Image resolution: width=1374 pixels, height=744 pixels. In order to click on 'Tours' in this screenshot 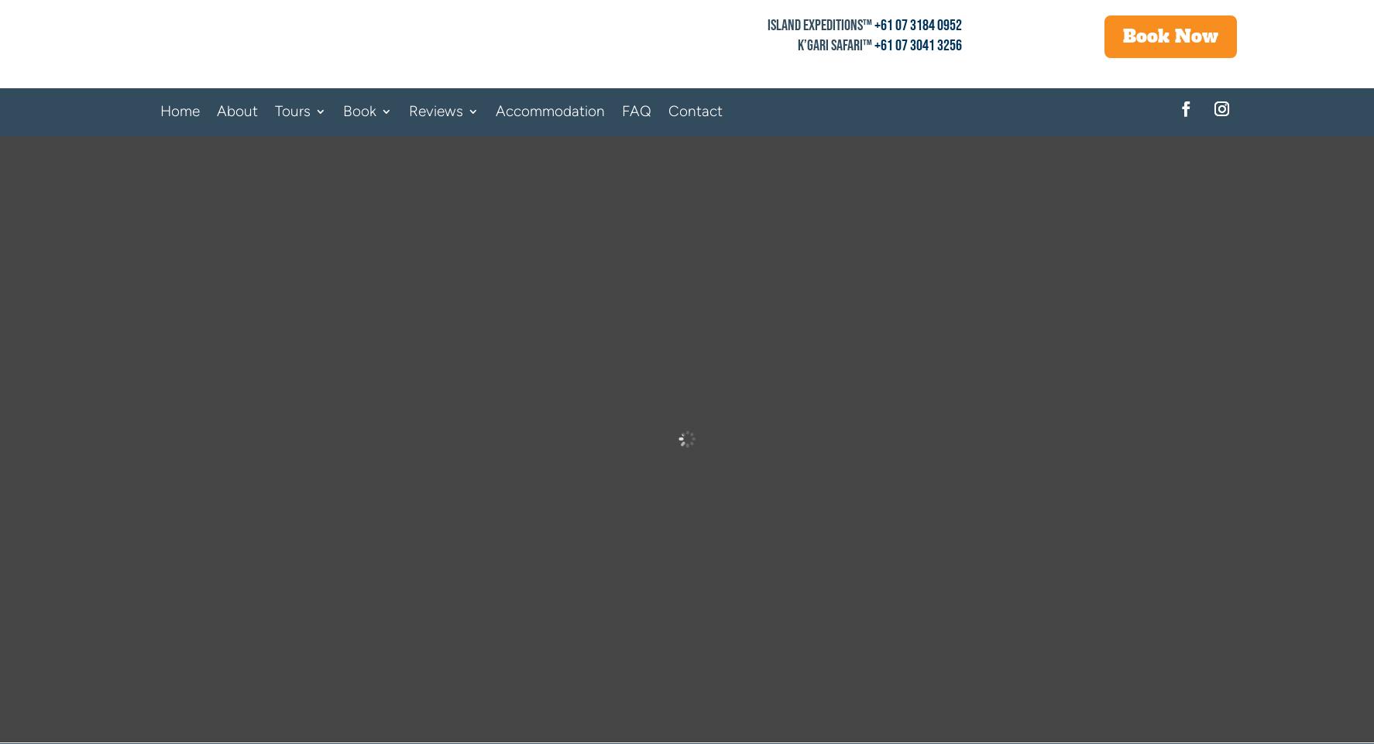, I will do `click(274, 110)`.